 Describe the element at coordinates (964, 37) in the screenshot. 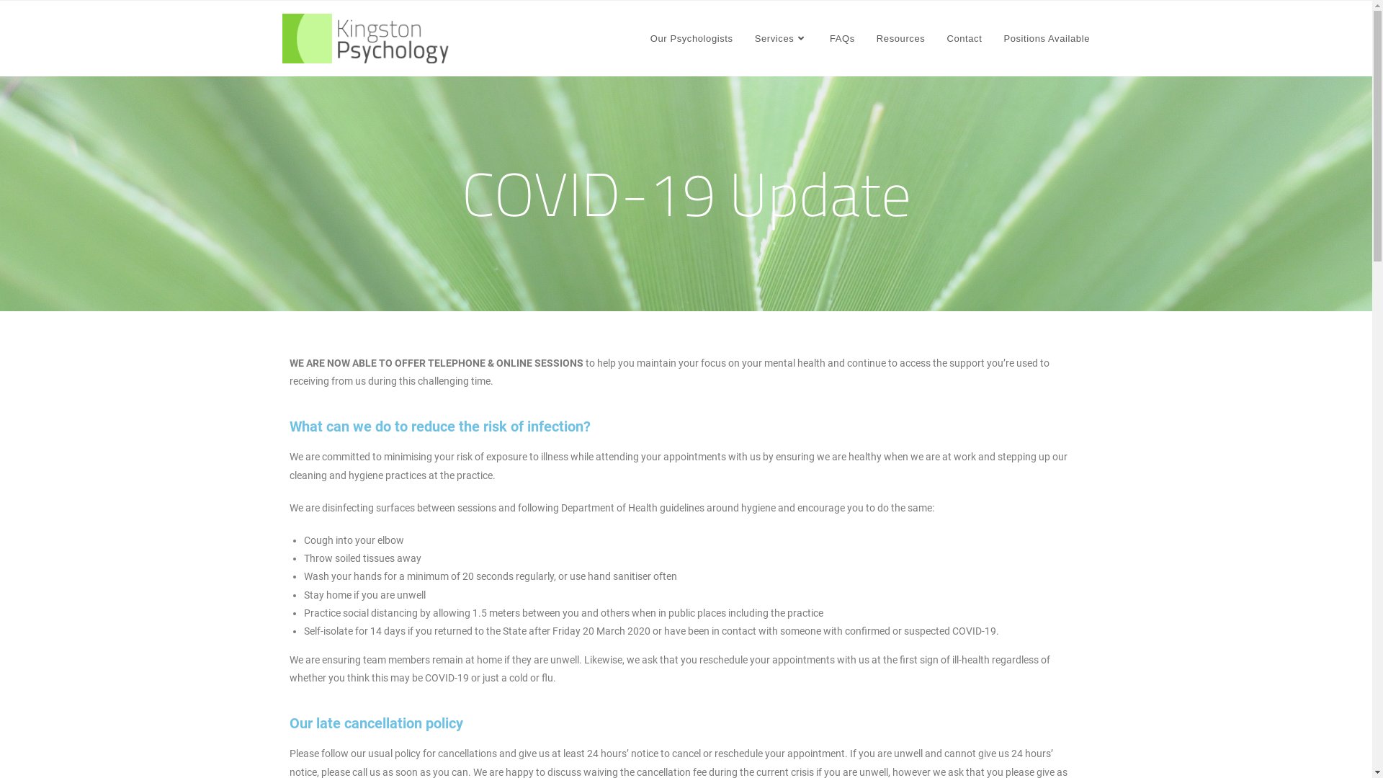

I see `'Contact'` at that location.